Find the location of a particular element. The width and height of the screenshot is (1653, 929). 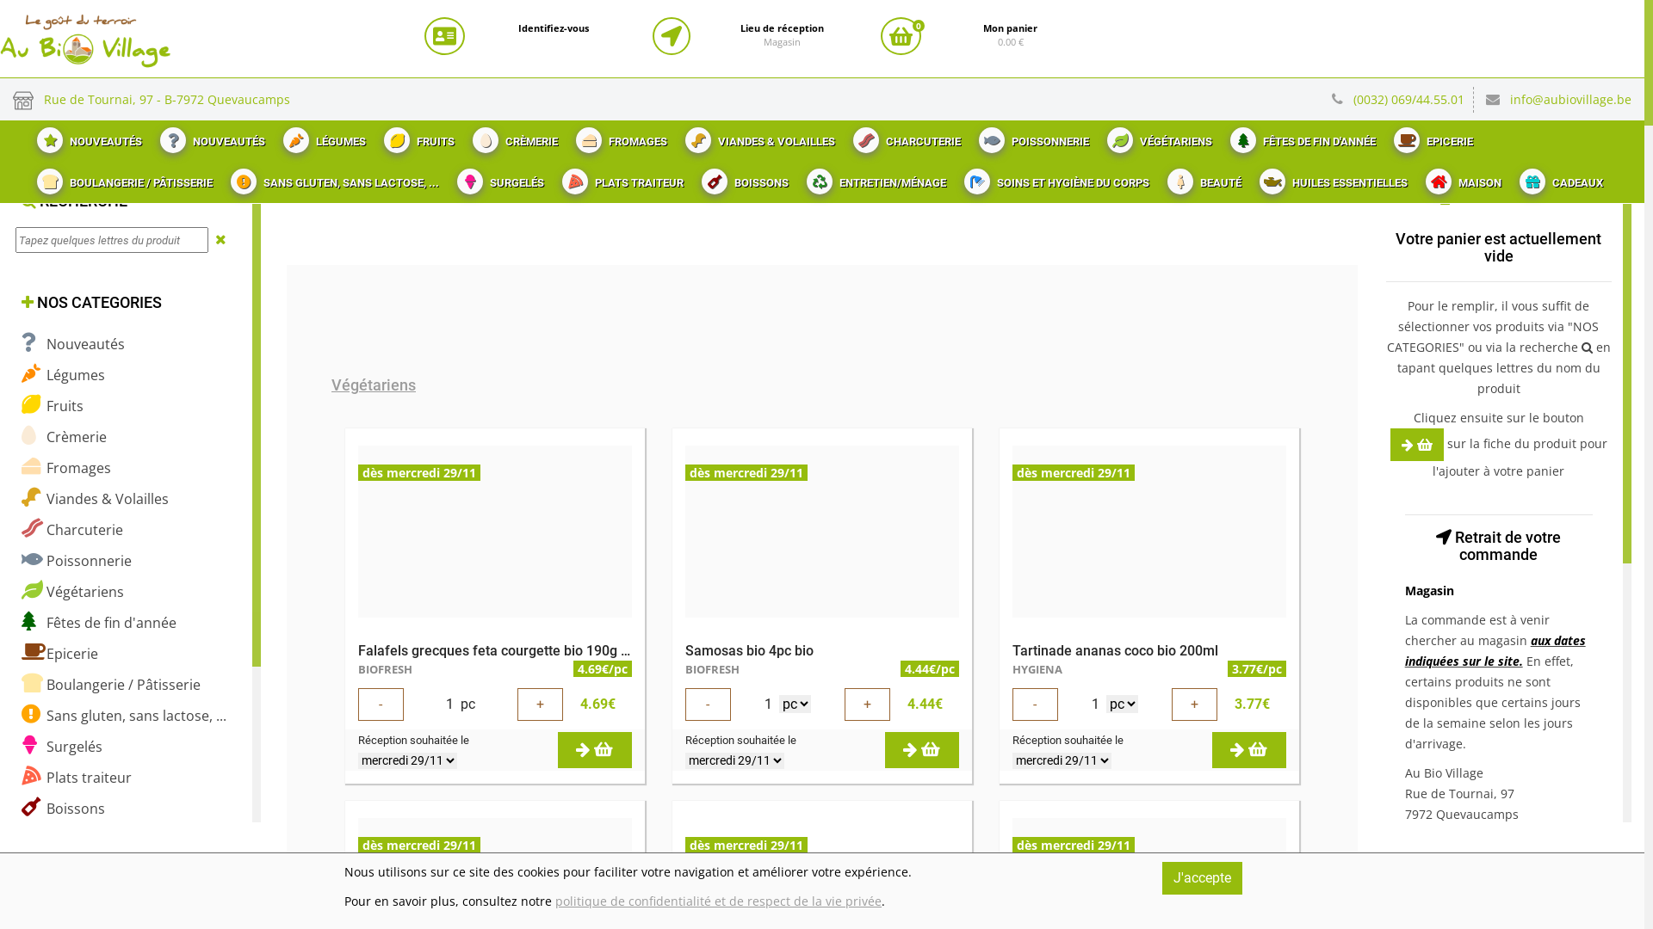

'VIANDES & VOLAILLES' is located at coordinates (758, 135).